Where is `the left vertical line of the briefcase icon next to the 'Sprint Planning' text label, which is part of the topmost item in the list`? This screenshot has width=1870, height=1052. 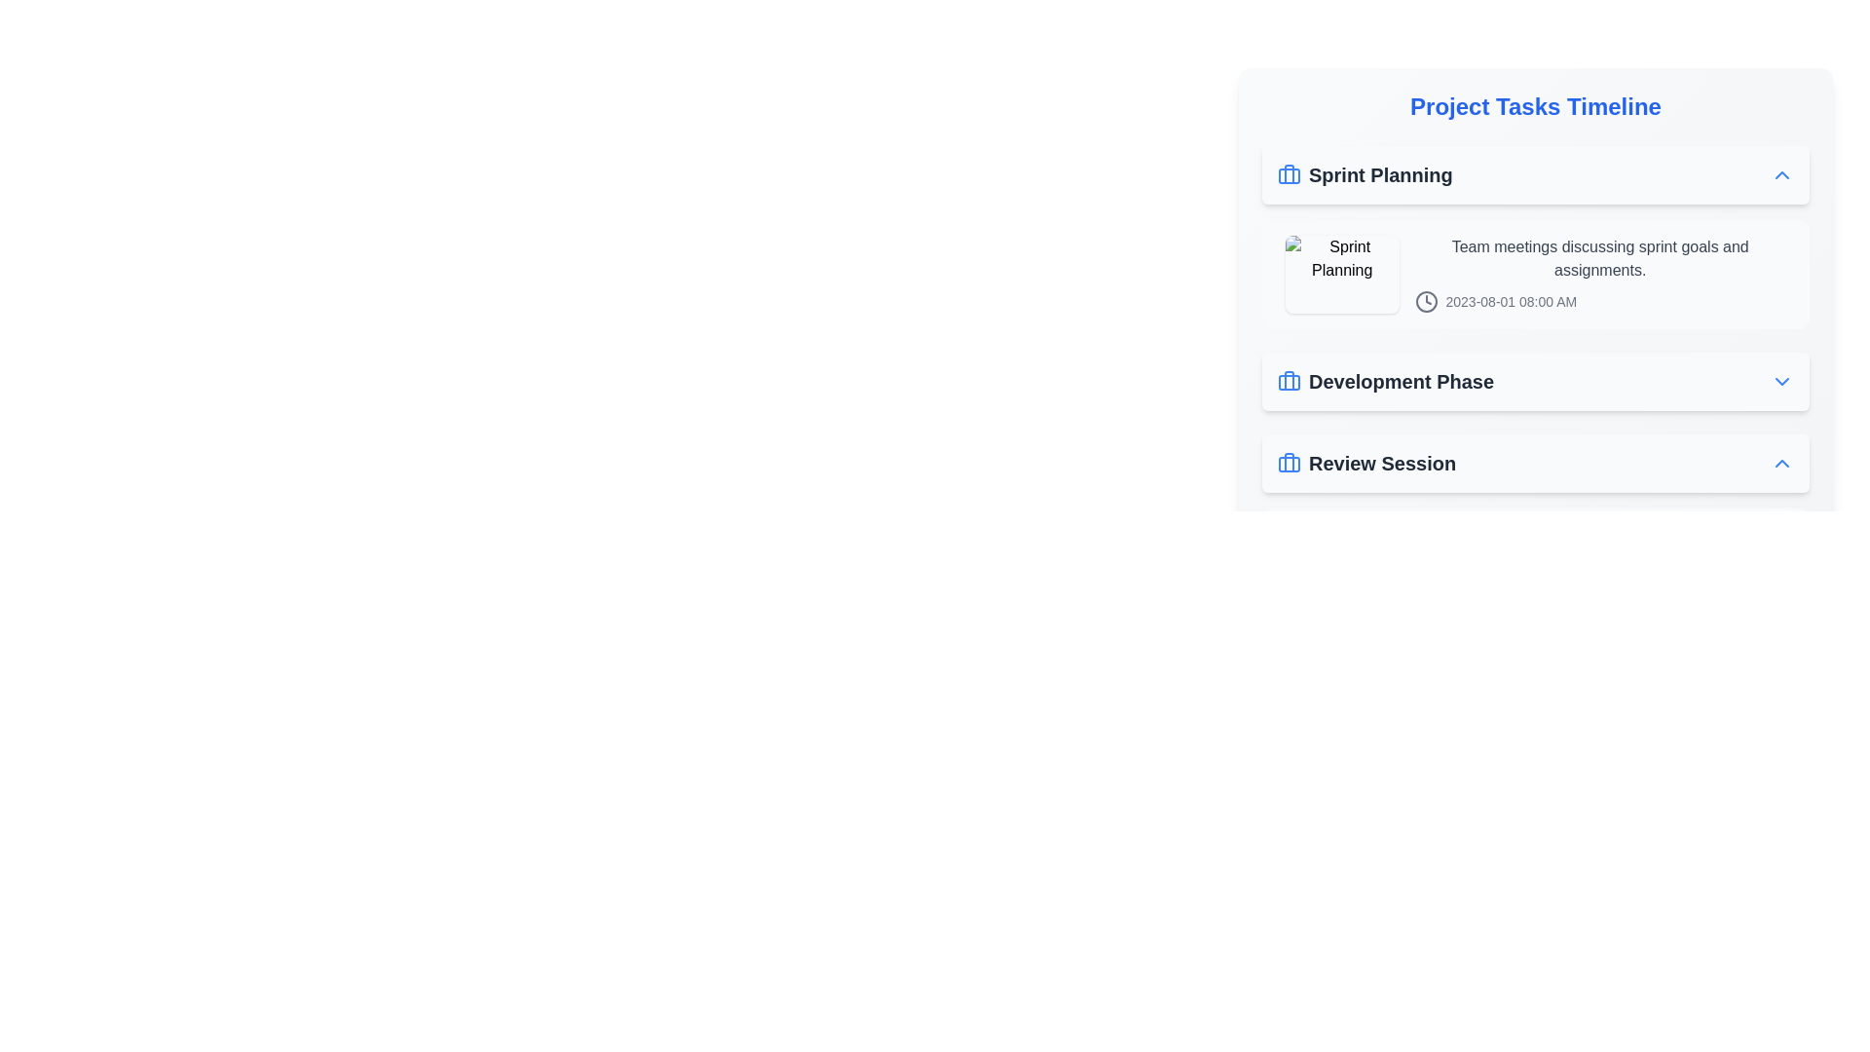 the left vertical line of the briefcase icon next to the 'Sprint Planning' text label, which is part of the topmost item in the list is located at coordinates (1290, 172).